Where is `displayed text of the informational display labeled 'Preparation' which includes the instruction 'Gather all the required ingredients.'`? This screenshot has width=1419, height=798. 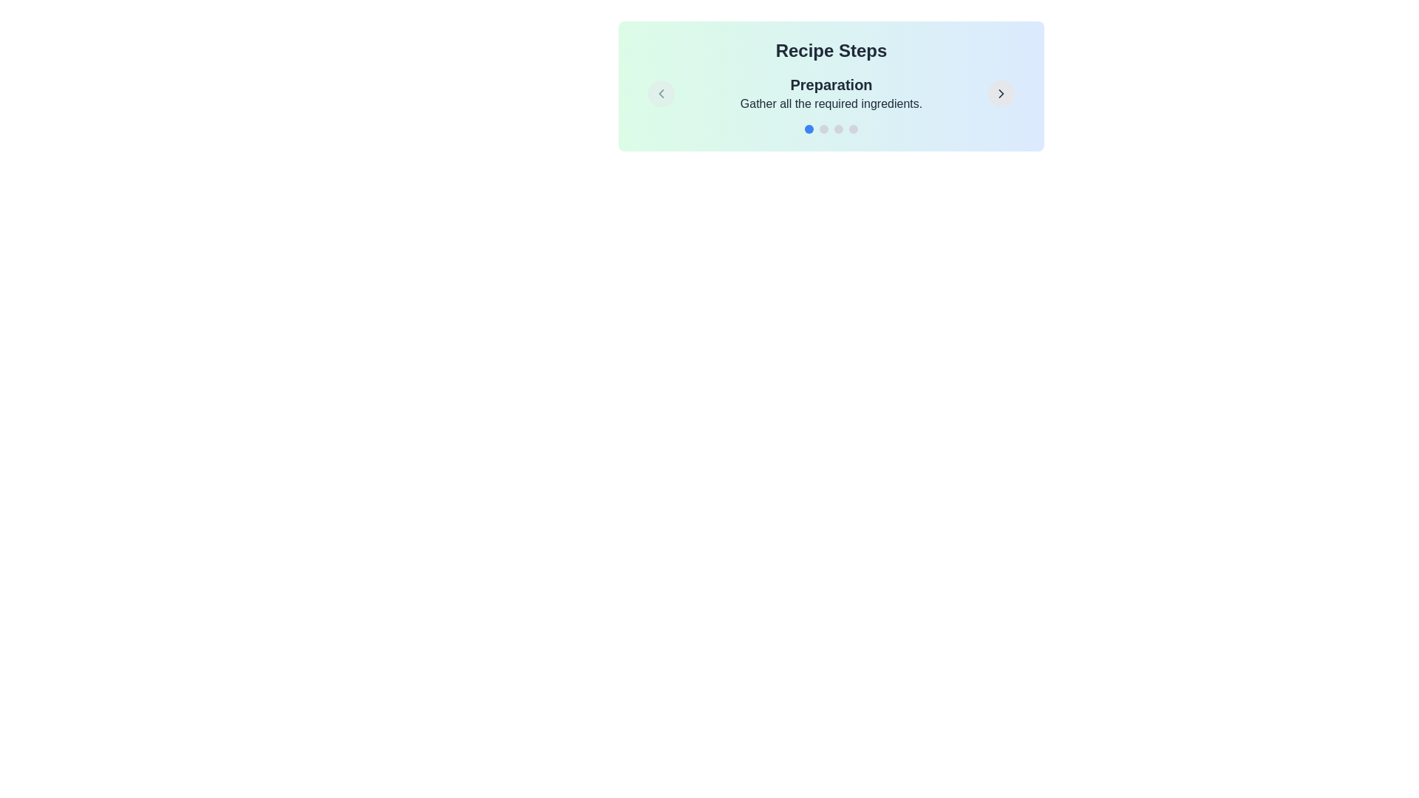
displayed text of the informational display labeled 'Preparation' which includes the instruction 'Gather all the required ingredients.' is located at coordinates (831, 94).